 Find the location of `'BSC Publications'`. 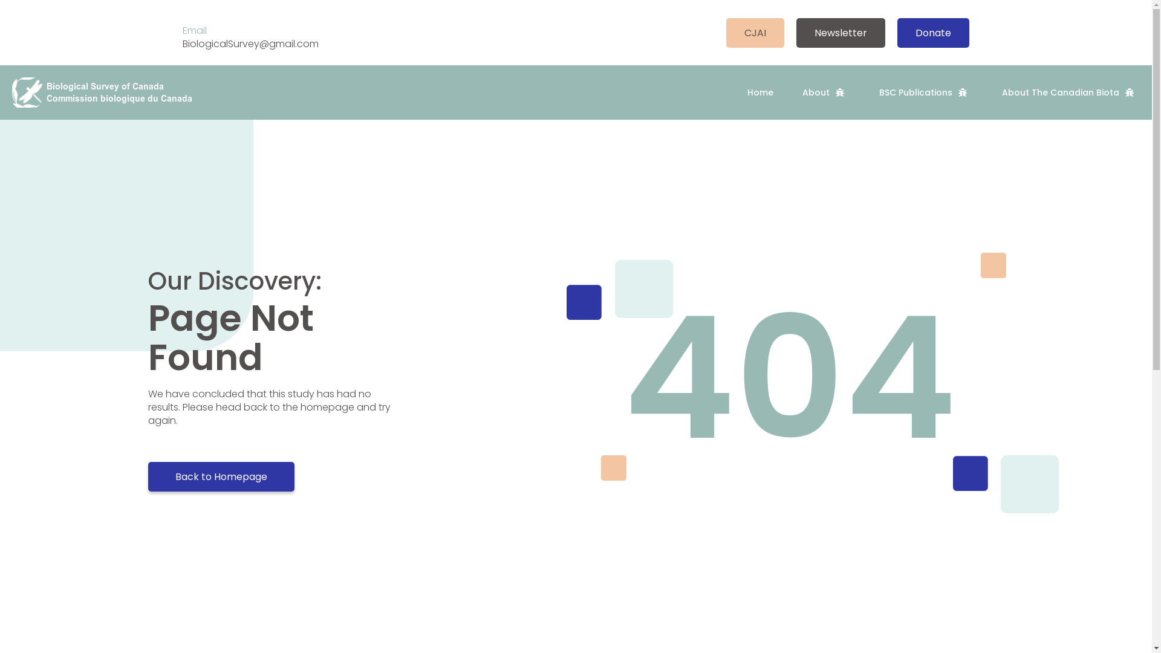

'BSC Publications' is located at coordinates (925, 92).